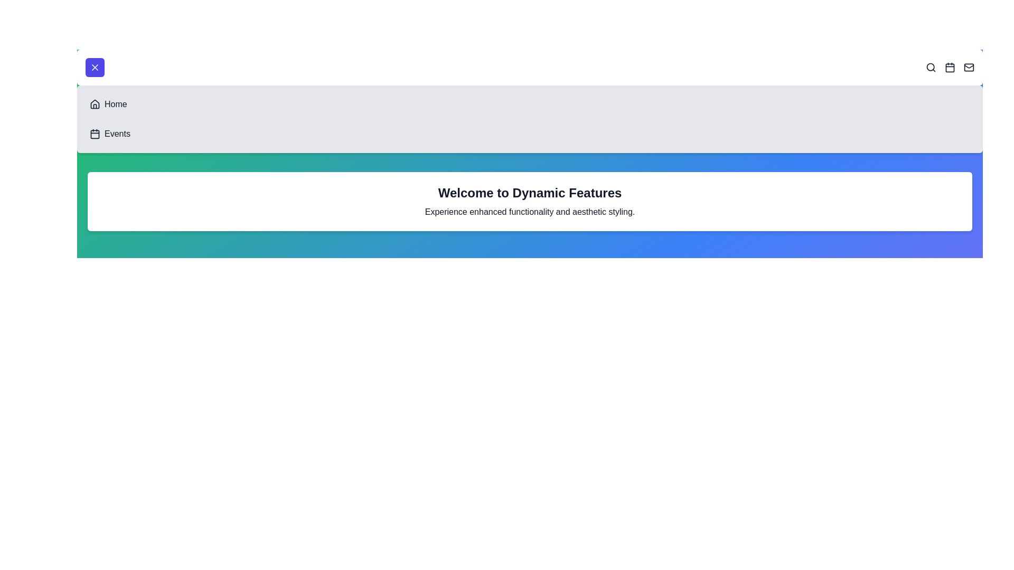 Image resolution: width=1014 pixels, height=570 pixels. What do you see at coordinates (95, 104) in the screenshot?
I see `the navigation menu item Home to navigate` at bounding box center [95, 104].